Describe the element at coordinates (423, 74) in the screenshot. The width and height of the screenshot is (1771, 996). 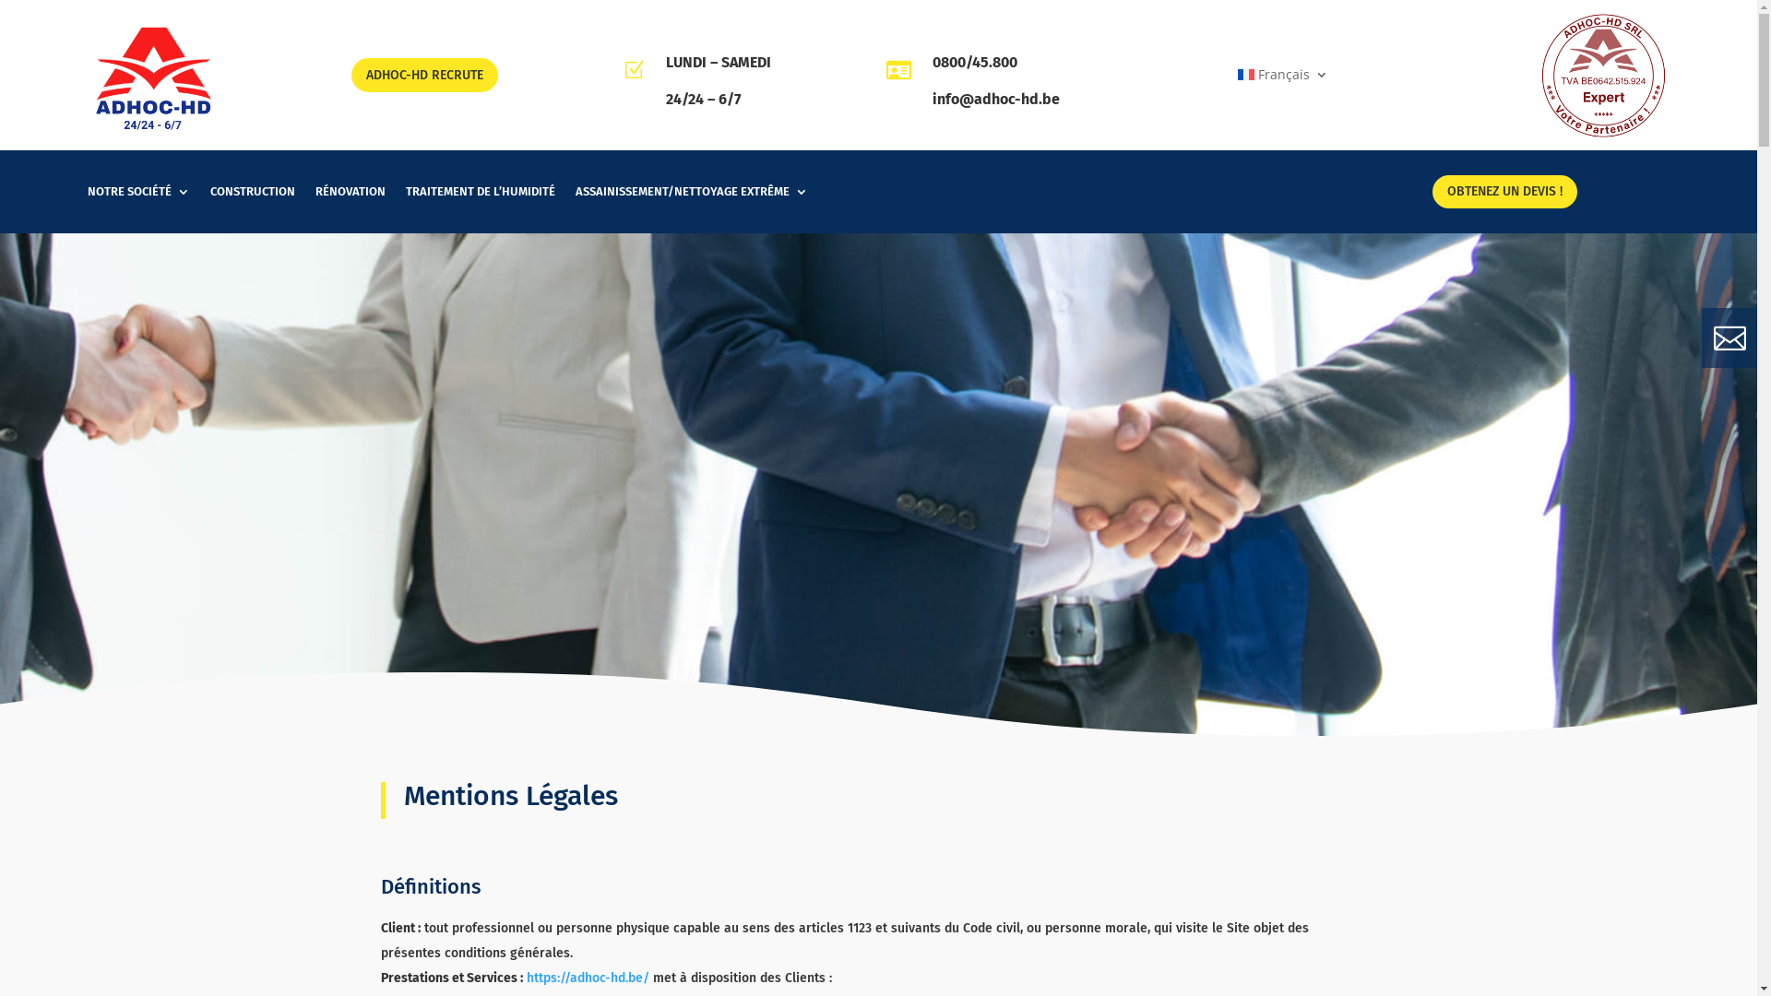
I see `'ADHOC-HD RECRUTE'` at that location.